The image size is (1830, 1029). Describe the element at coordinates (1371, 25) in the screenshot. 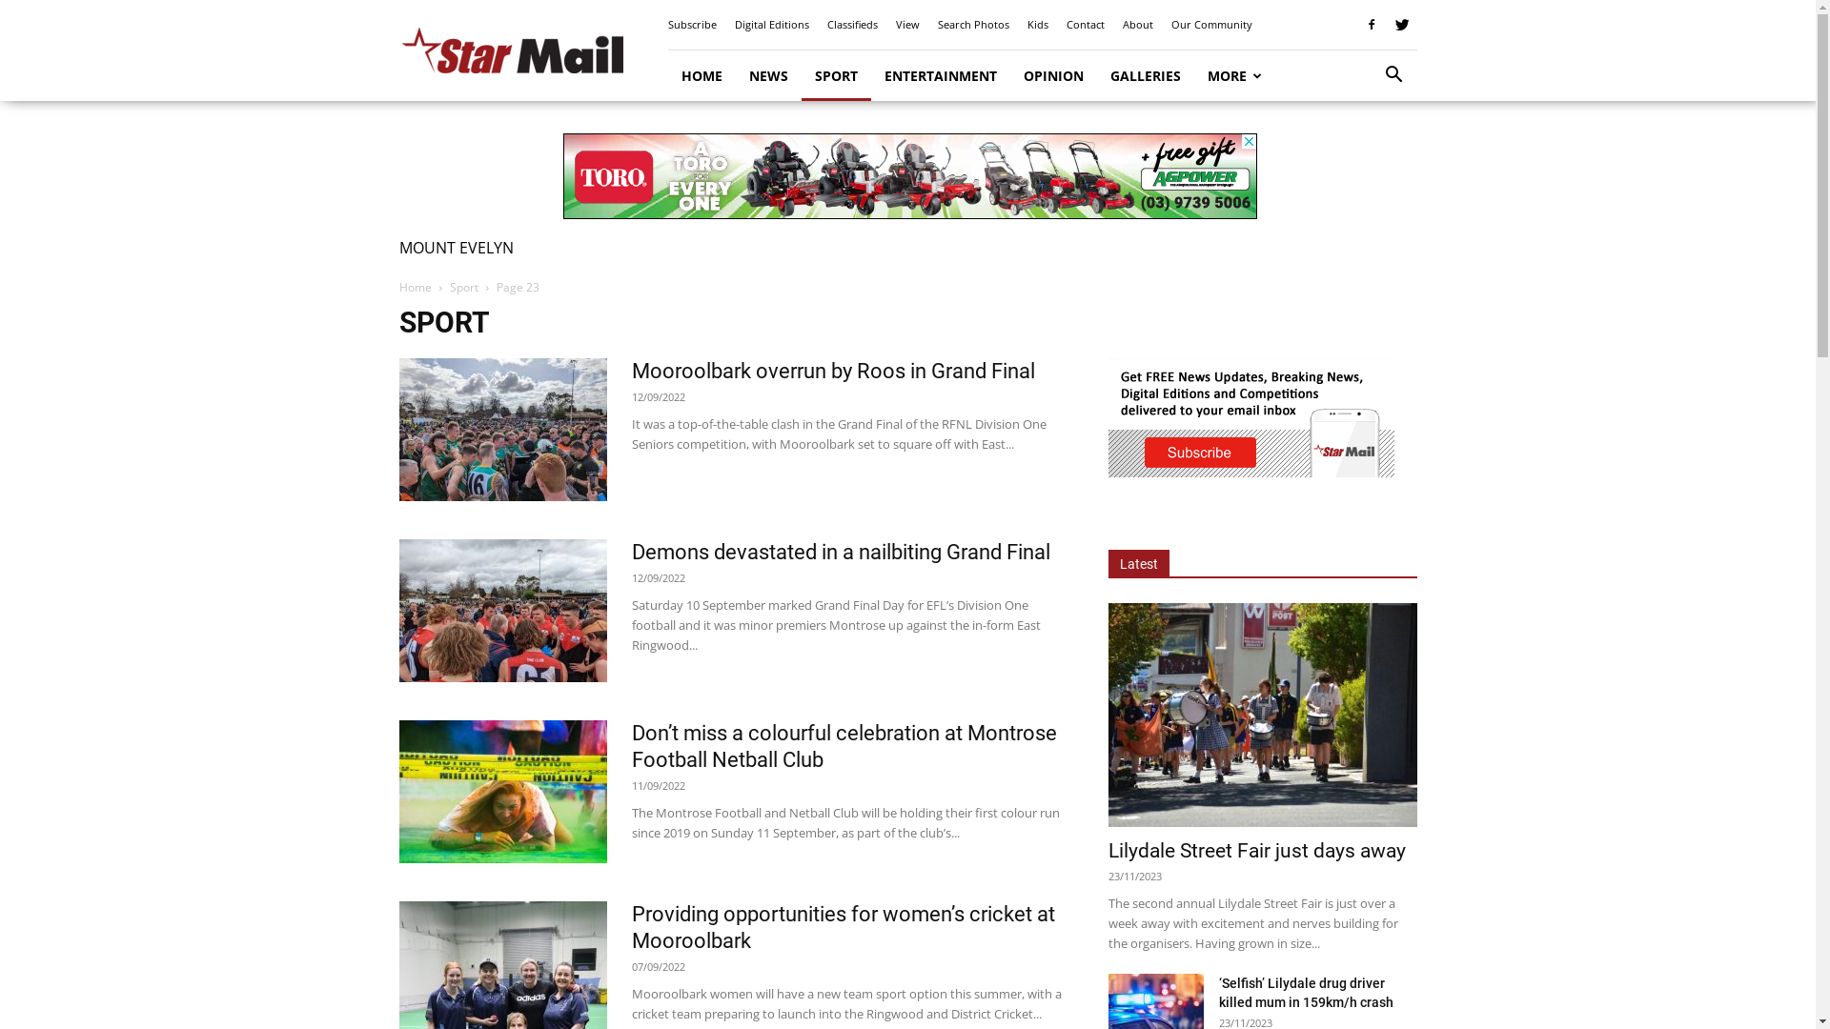

I see `'Facebook'` at that location.